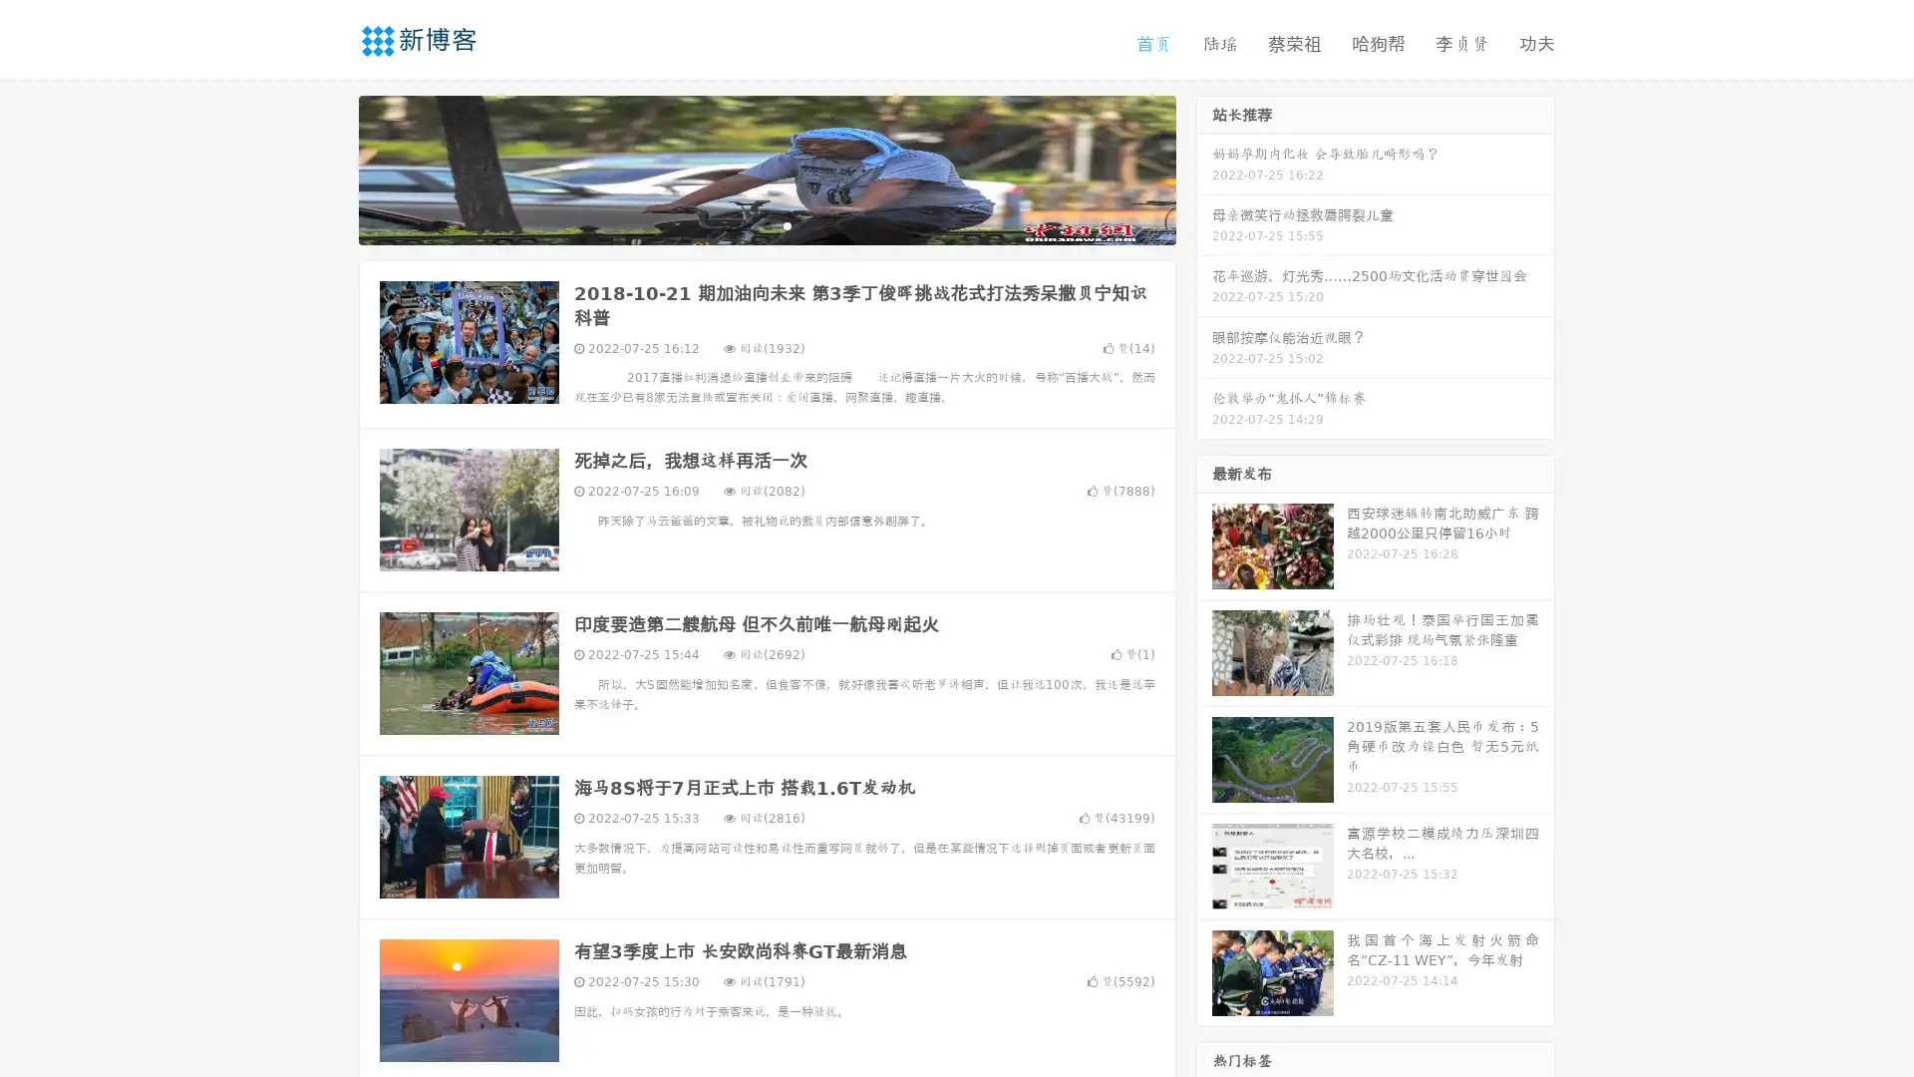  I want to click on Go to slide 1, so click(746, 224).